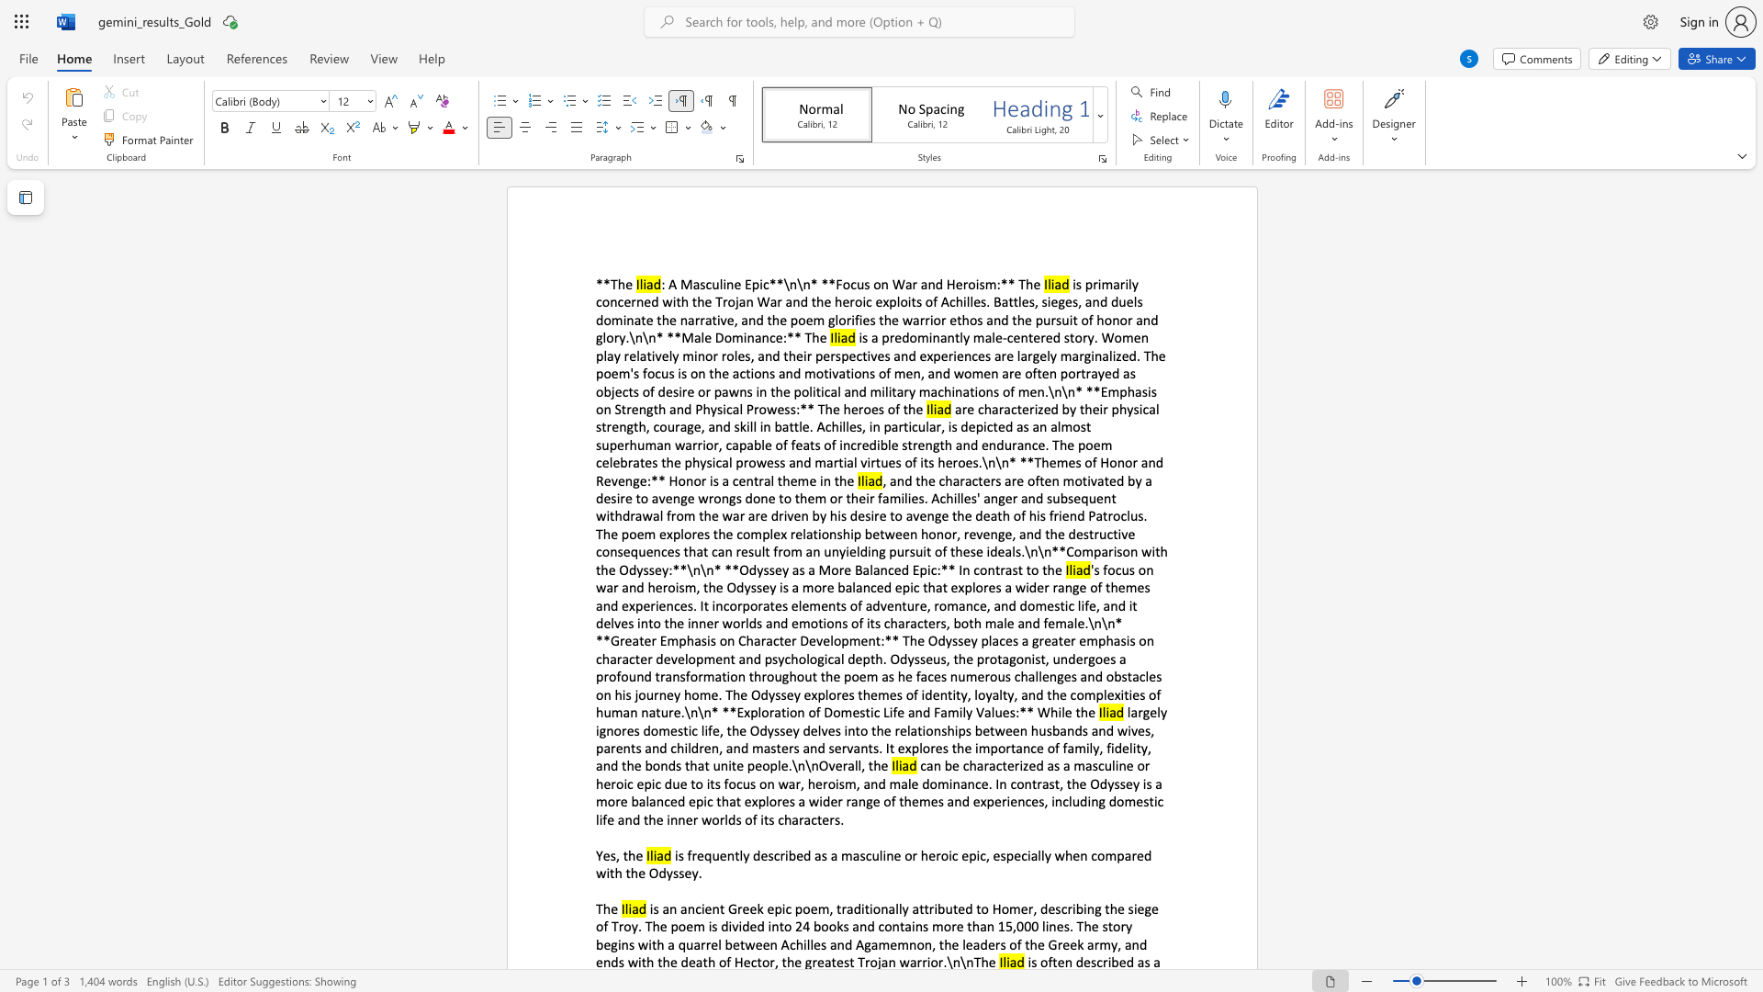 The image size is (1763, 992). Describe the element at coordinates (694, 800) in the screenshot. I see `the subset text "pic that explores a wider r" within the text "can be characterized as a masculine or heroic epic due to its focus on war, heroism, and male dominance. In contrast, the Odyssey is a more balanced epic that explores a wider range of themes and experiences, including domestic life and the inner worlds of its characters."` at that location.